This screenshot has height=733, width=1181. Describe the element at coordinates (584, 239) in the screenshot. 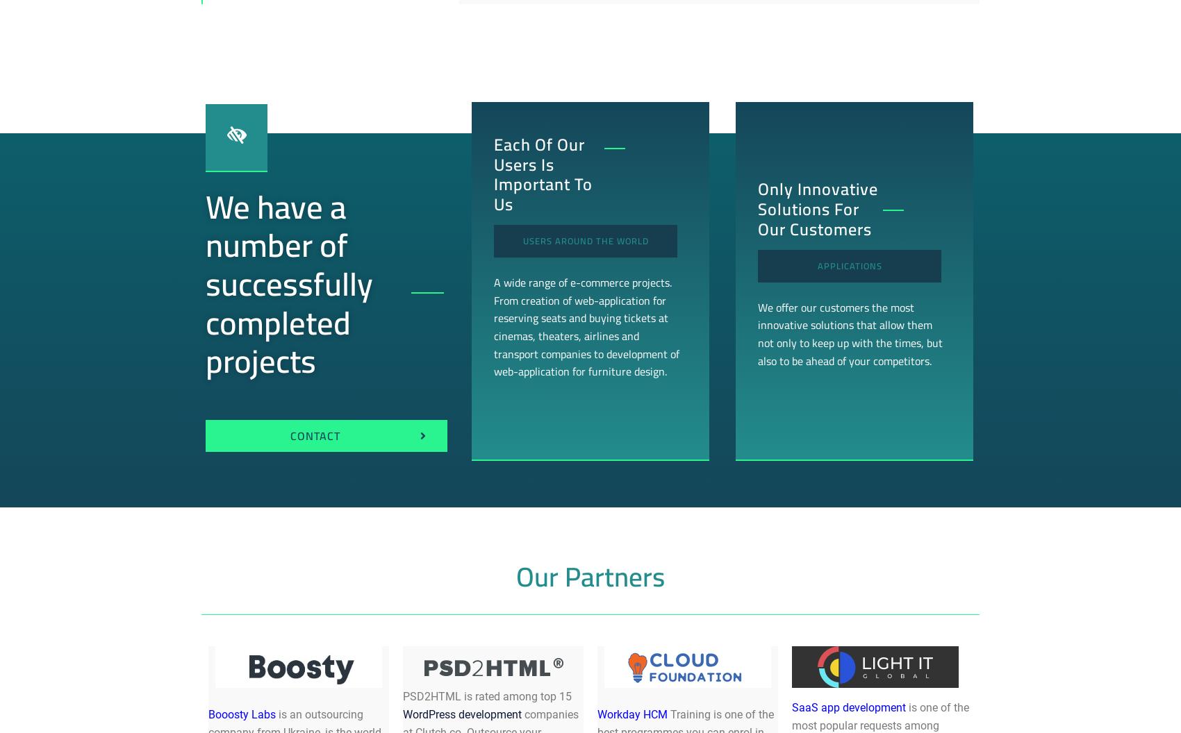

I see `'Users around the world'` at that location.